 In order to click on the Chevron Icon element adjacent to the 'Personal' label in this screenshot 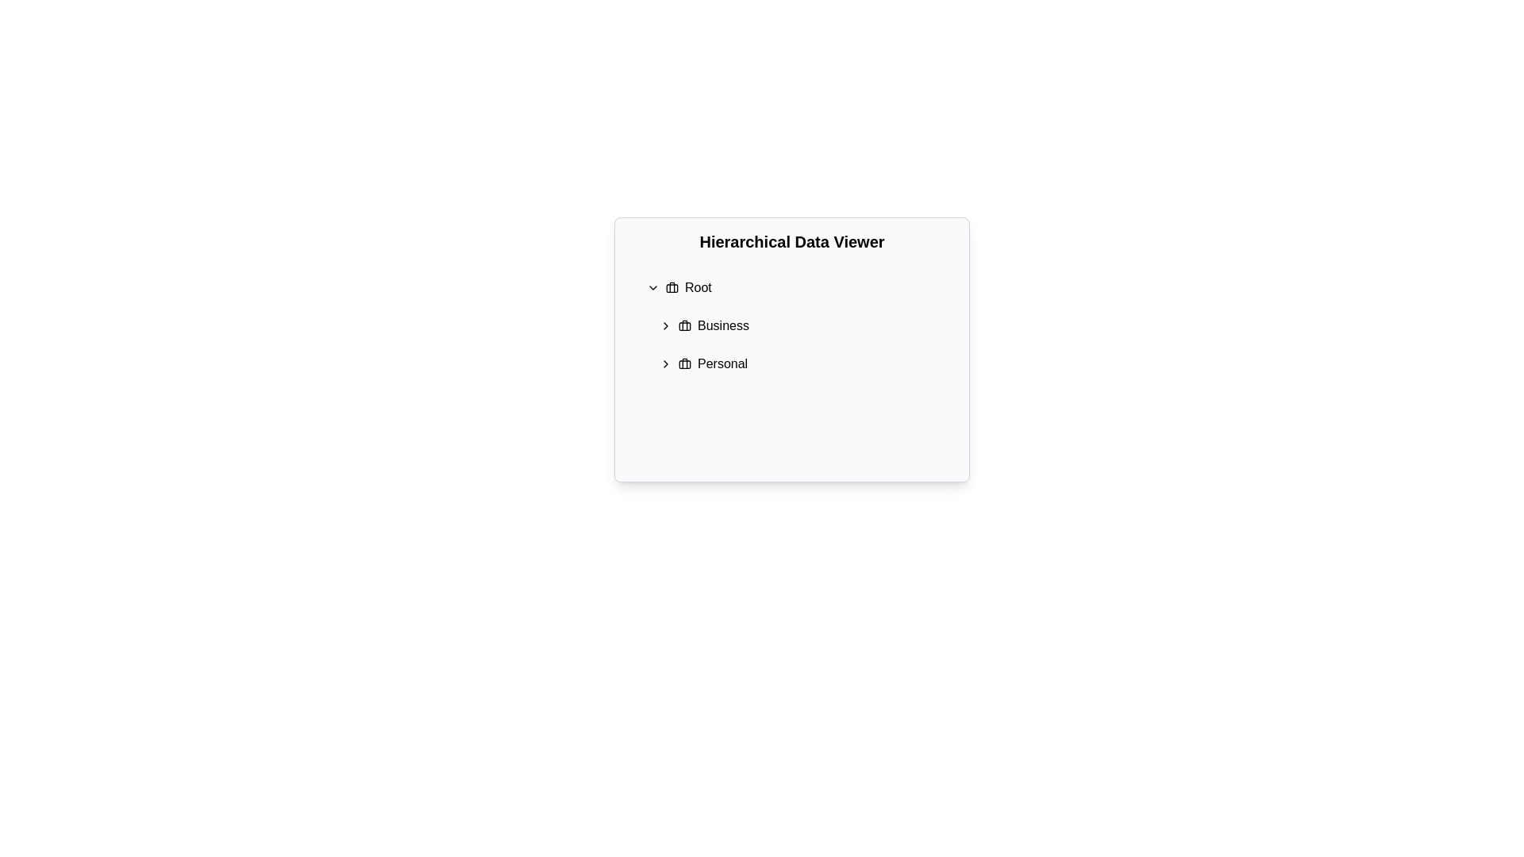, I will do `click(666, 364)`.